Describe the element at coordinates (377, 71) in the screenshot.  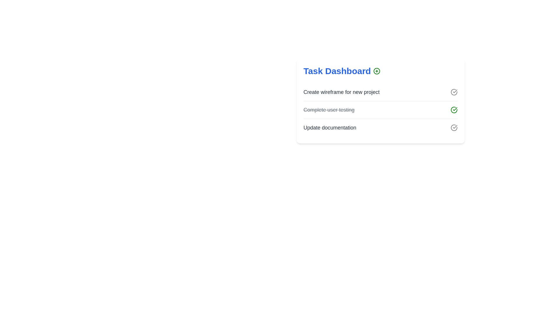
I see `plus icon next to the header to add a new task` at that location.